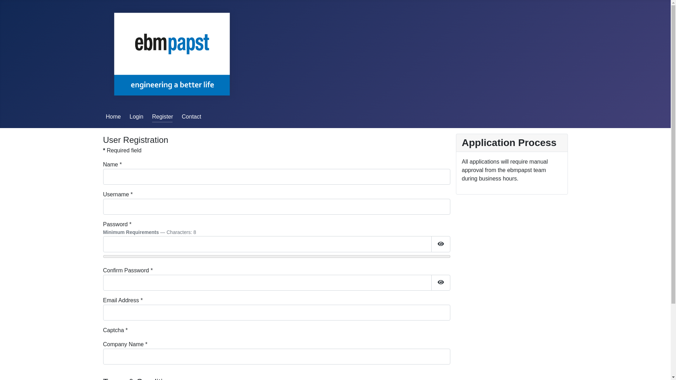 The width and height of the screenshot is (676, 380). I want to click on 'Login', so click(136, 116).